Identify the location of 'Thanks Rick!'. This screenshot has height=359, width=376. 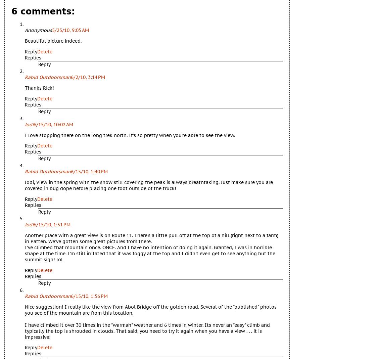
(39, 88).